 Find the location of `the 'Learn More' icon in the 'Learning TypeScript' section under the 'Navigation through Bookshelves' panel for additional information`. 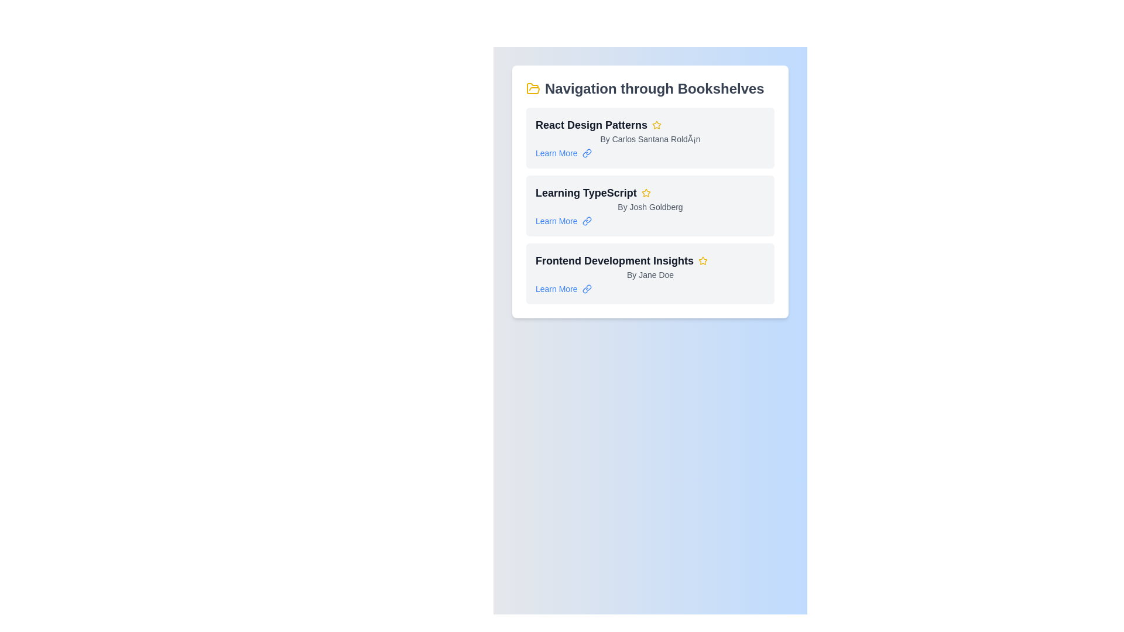

the 'Learn More' icon in the 'Learning TypeScript' section under the 'Navigation through Bookshelves' panel for additional information is located at coordinates (587, 288).